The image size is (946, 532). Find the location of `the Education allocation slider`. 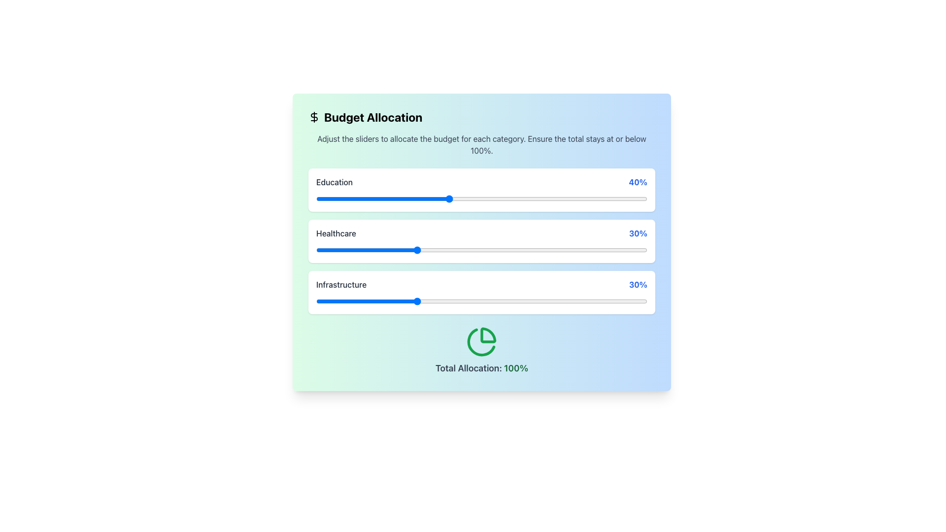

the Education allocation slider is located at coordinates (419, 199).